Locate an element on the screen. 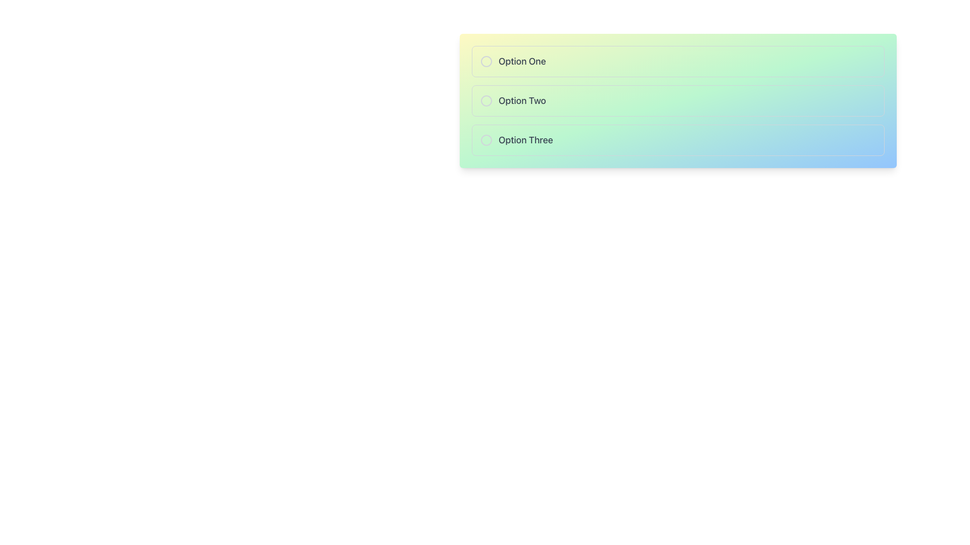 This screenshot has width=970, height=545. the radio button circle for 'Option Three' is located at coordinates (487, 140).